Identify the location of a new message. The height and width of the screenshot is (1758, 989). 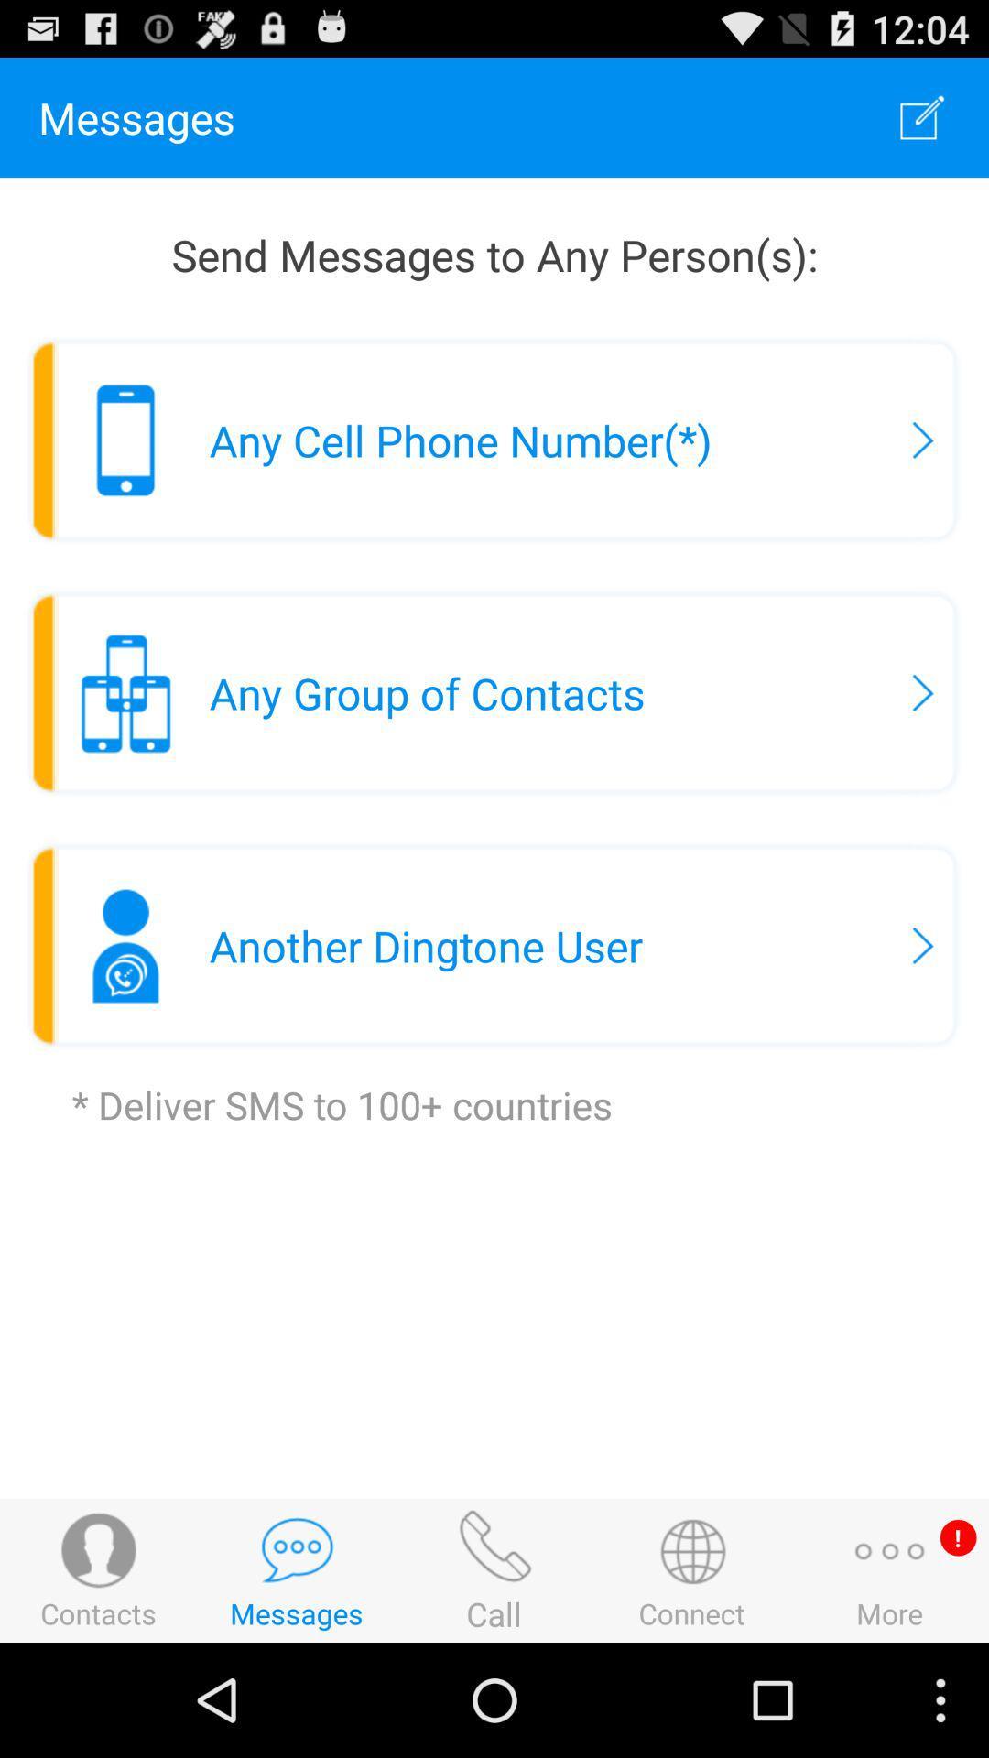
(922, 116).